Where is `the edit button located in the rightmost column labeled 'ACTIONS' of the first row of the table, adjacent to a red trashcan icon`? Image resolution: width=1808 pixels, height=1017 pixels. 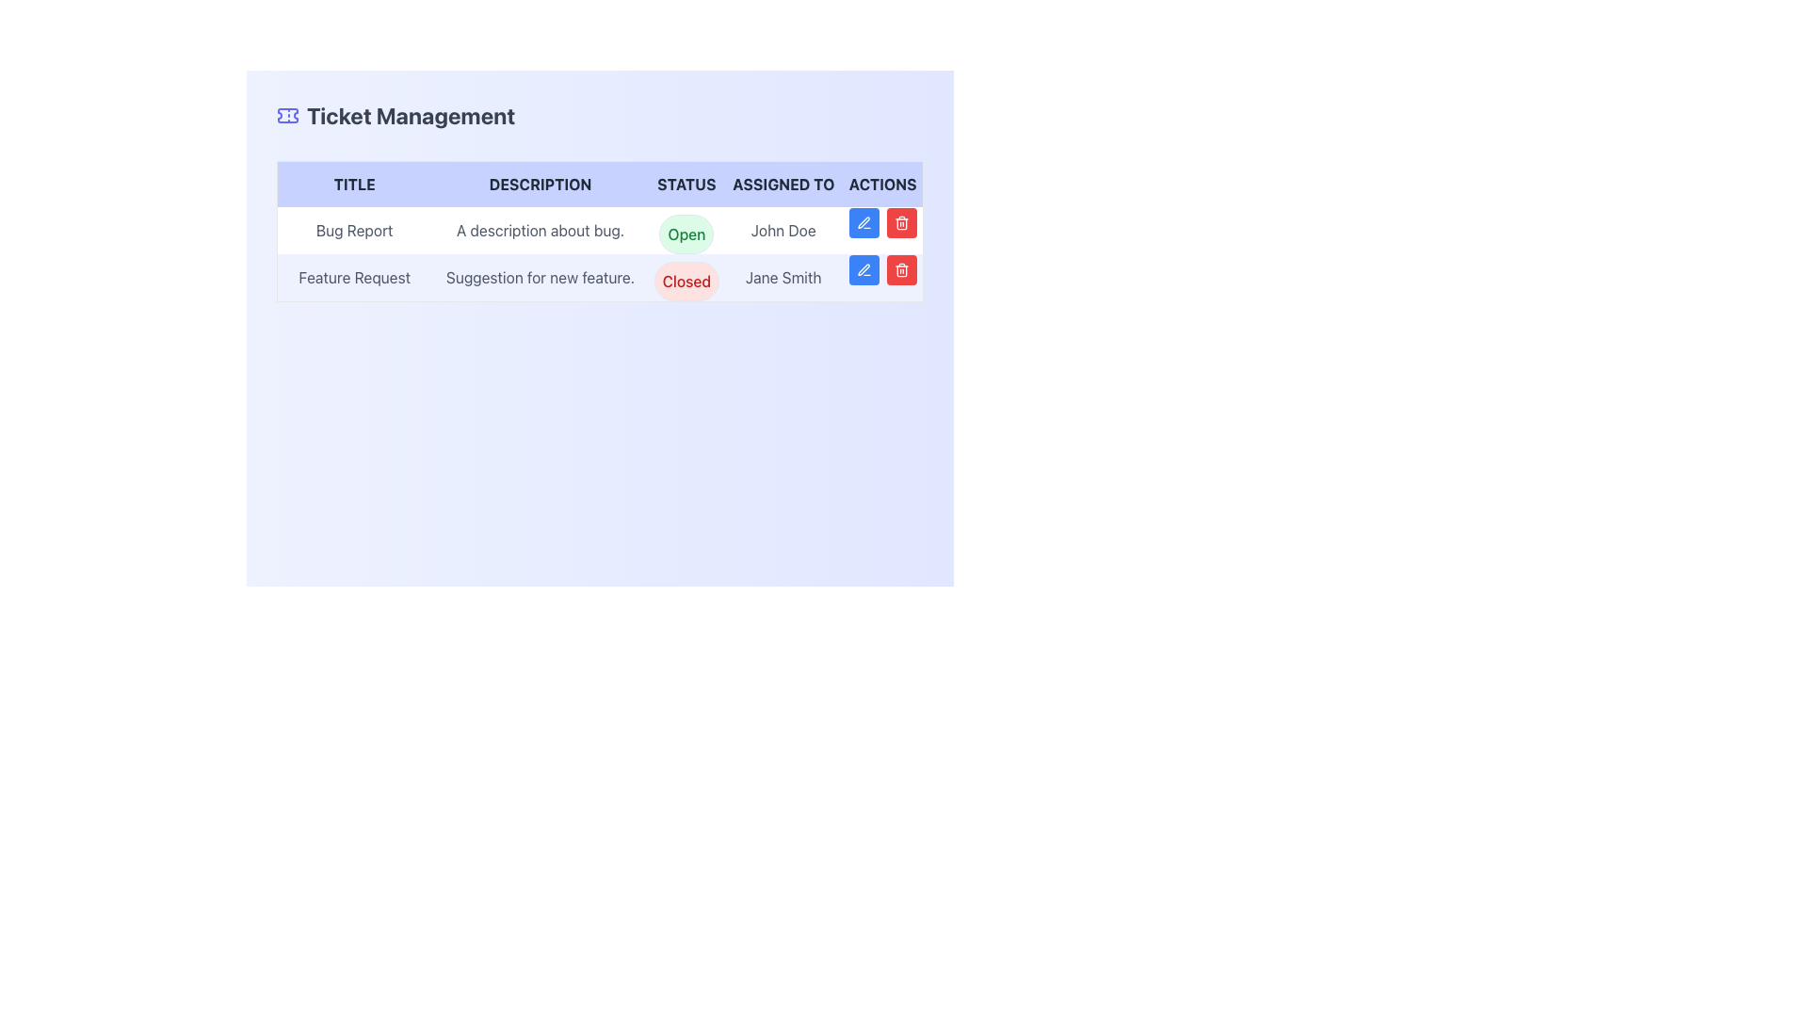
the edit button located in the rightmost column labeled 'ACTIONS' of the first row of the table, adjacent to a red trashcan icon is located at coordinates (863, 221).